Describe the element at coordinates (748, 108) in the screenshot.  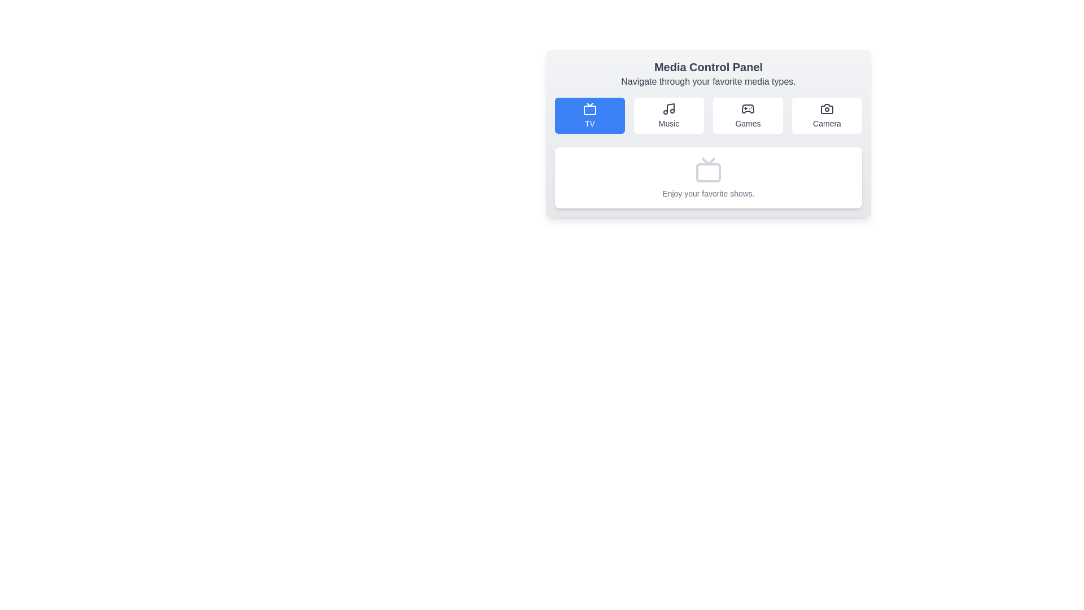
I see `the 'Games' icon button in the media control panel` at that location.